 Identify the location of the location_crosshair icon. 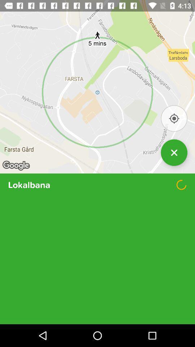
(174, 127).